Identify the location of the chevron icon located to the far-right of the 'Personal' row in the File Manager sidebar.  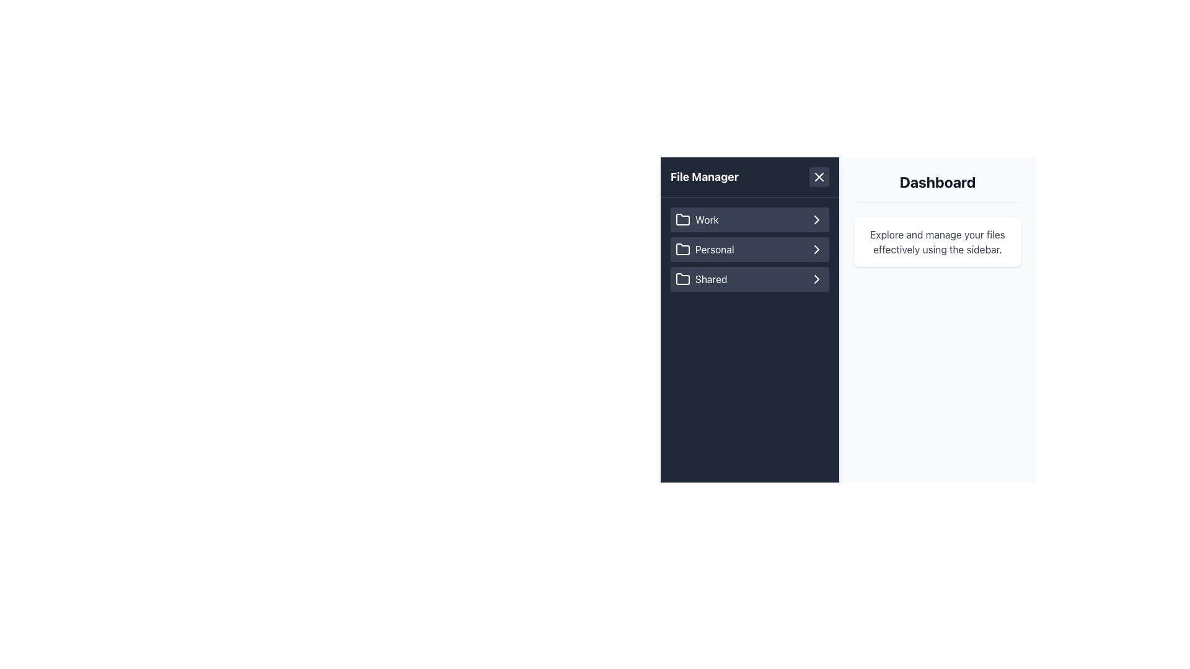
(817, 249).